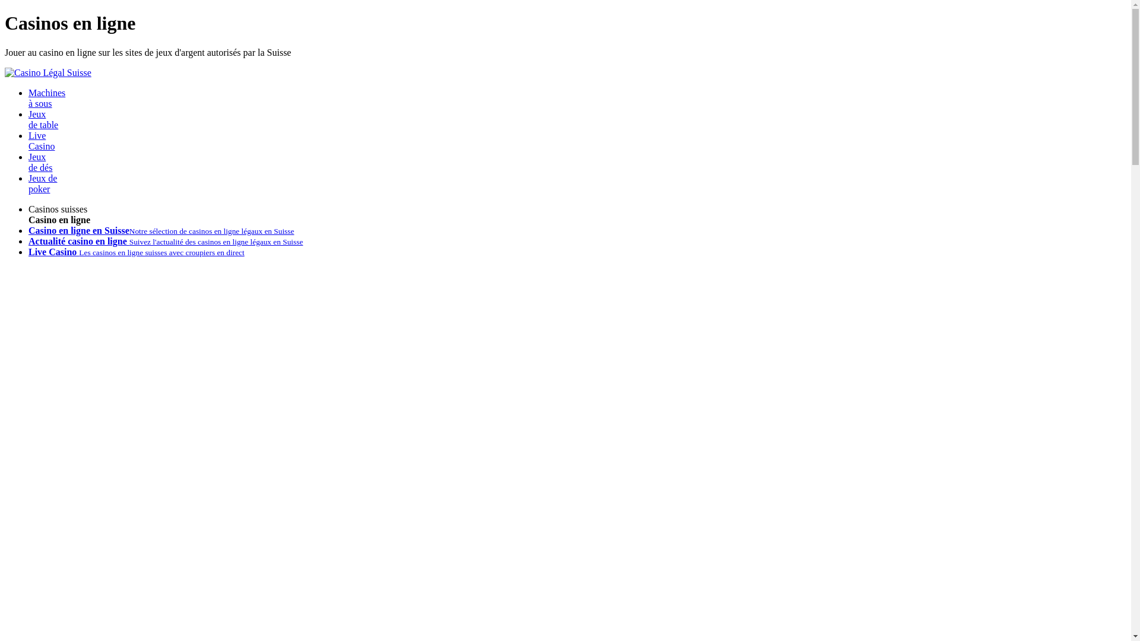 The height and width of the screenshot is (641, 1140). Describe the element at coordinates (43, 183) in the screenshot. I see `'Jeux de` at that location.